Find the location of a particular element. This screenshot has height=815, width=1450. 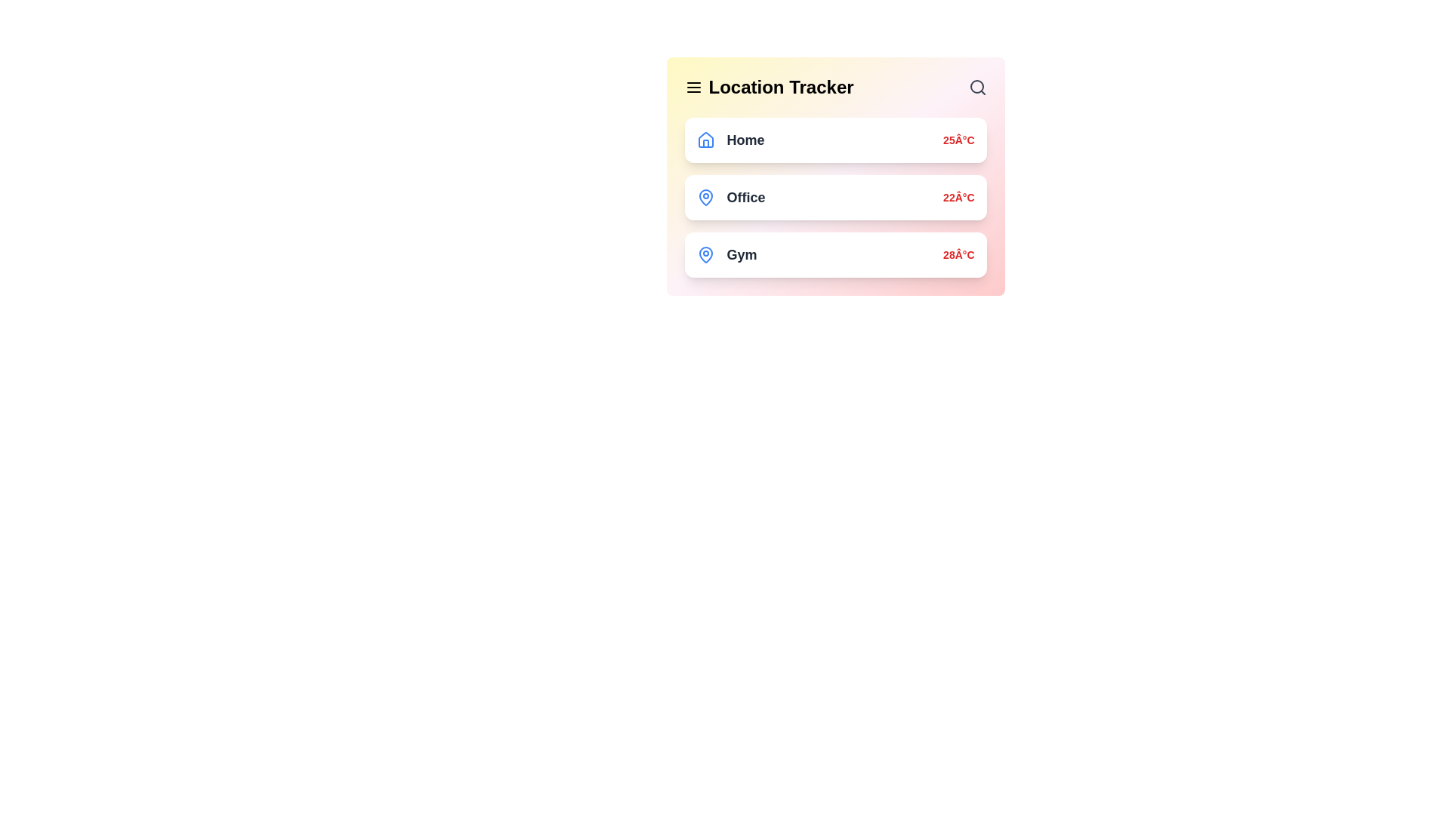

the temperature value of Office to edit or inspect it is located at coordinates (958, 197).